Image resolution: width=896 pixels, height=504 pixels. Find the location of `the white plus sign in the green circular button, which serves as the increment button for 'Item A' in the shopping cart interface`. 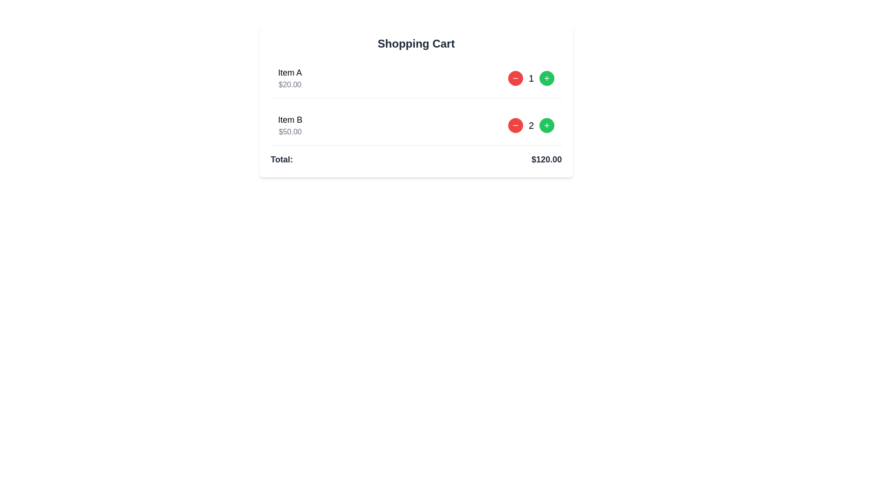

the white plus sign in the green circular button, which serves as the increment button for 'Item A' in the shopping cart interface is located at coordinates (546, 78).